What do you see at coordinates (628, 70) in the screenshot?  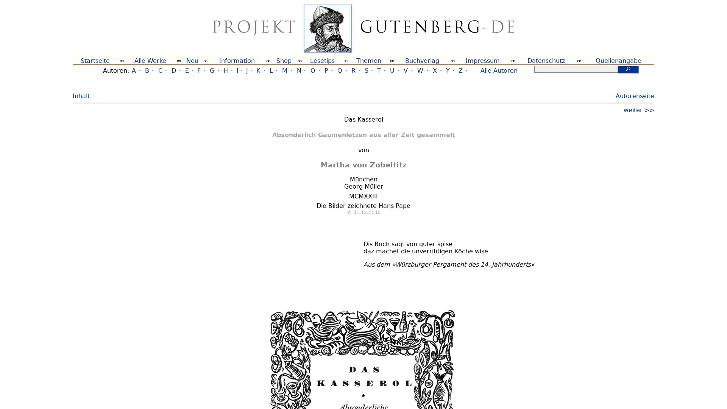 I see `Suchen` at bounding box center [628, 70].